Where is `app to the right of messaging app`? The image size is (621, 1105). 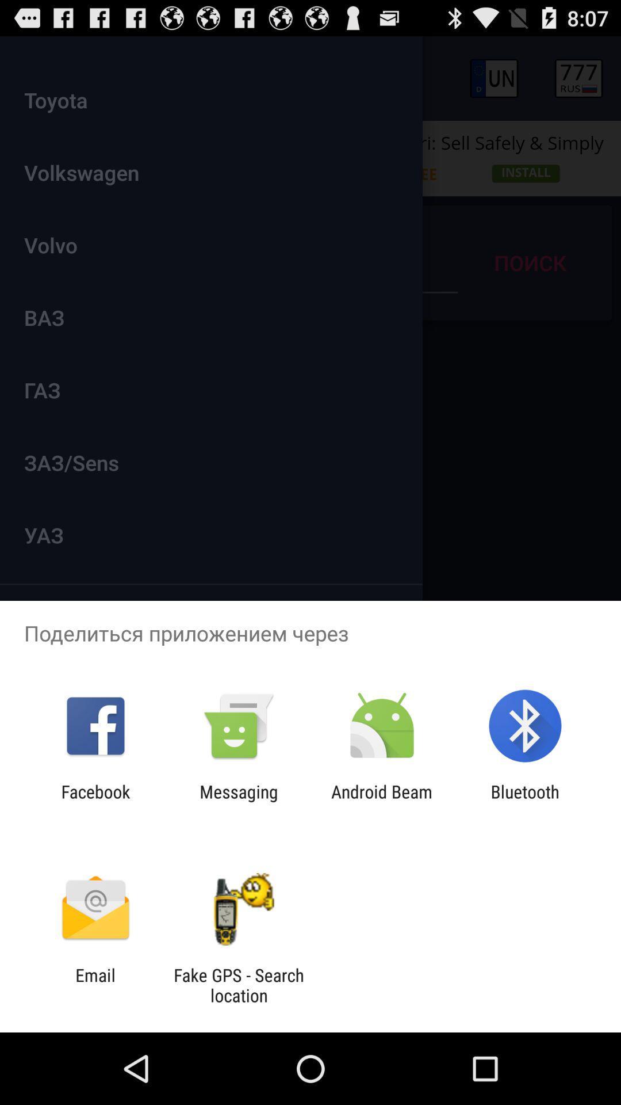
app to the right of messaging app is located at coordinates (382, 801).